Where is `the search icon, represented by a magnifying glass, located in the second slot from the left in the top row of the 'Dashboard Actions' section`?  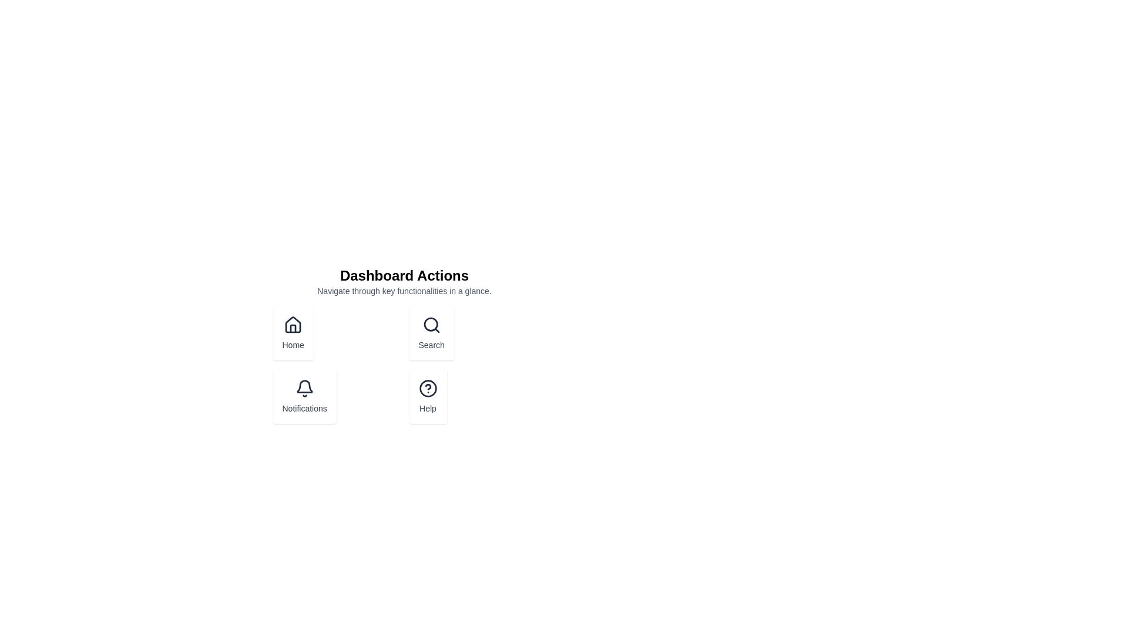
the search icon, represented by a magnifying glass, located in the second slot from the left in the top row of the 'Dashboard Actions' section is located at coordinates (431, 325).